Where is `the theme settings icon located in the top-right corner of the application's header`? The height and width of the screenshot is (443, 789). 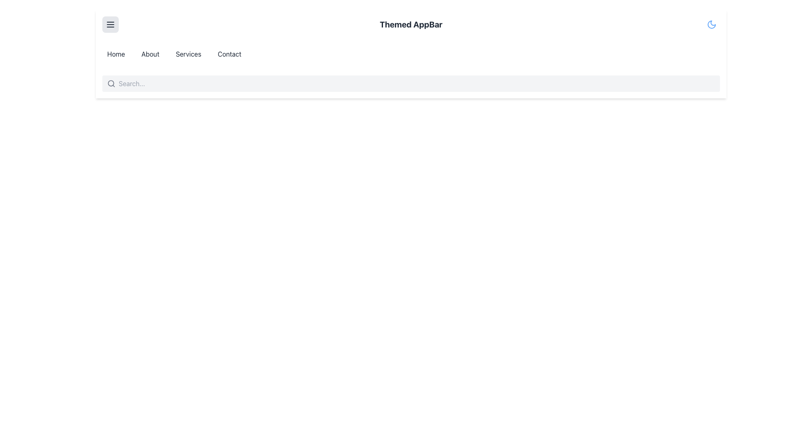 the theme settings icon located in the top-right corner of the application's header is located at coordinates (711, 24).